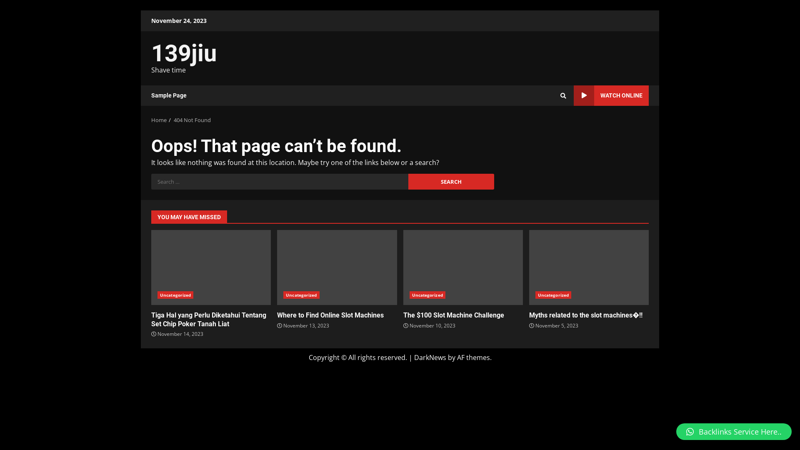 The image size is (800, 450). I want to click on 'Uncategorized', so click(427, 295).